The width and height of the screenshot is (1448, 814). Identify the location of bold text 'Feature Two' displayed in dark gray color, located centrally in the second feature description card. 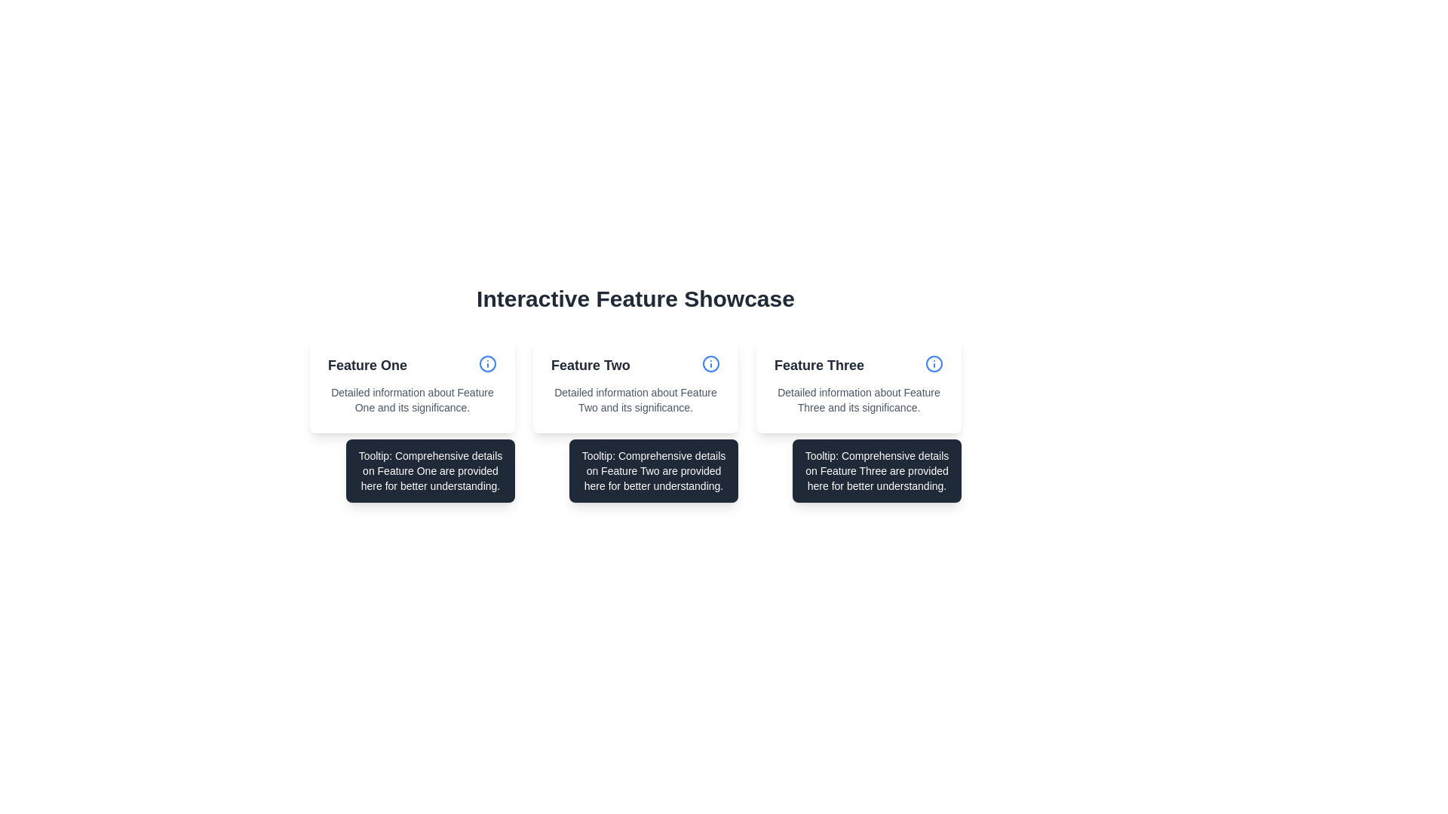
(590, 366).